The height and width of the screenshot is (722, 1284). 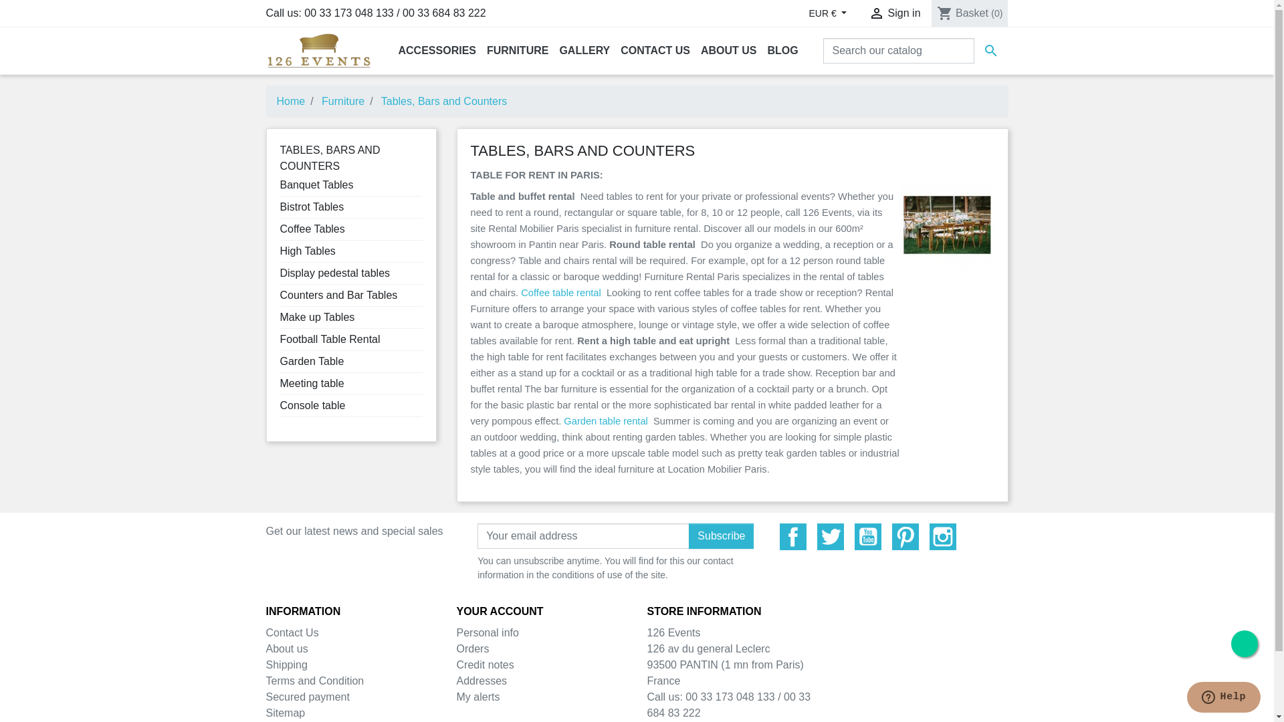 What do you see at coordinates (783, 50) in the screenshot?
I see `'BLOG'` at bounding box center [783, 50].